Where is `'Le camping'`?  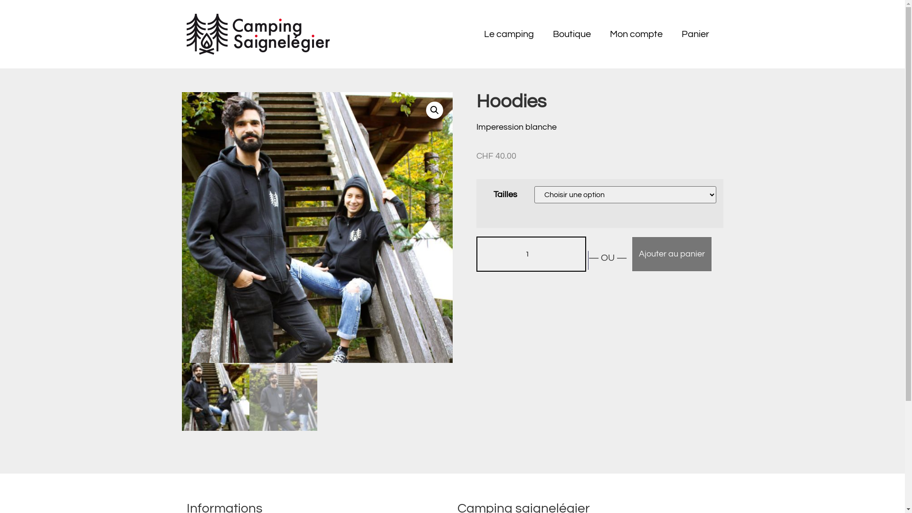
'Le camping' is located at coordinates (508, 34).